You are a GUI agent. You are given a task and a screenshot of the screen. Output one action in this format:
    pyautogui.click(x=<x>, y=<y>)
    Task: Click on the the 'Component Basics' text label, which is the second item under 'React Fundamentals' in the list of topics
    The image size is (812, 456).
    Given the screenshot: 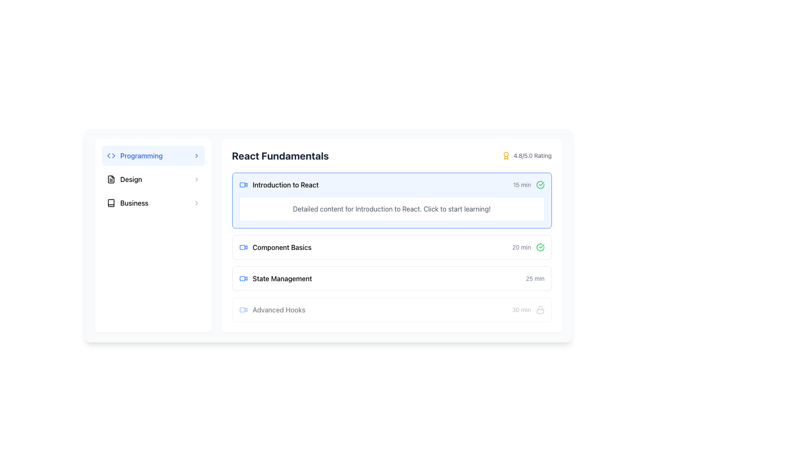 What is the action you would take?
    pyautogui.click(x=282, y=247)
    